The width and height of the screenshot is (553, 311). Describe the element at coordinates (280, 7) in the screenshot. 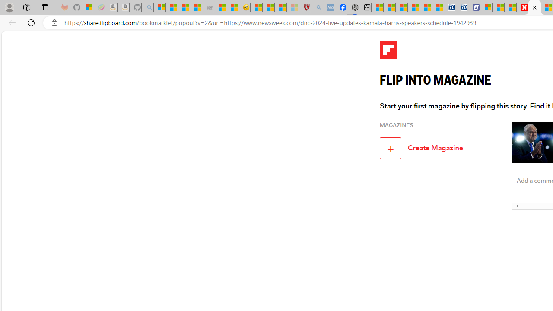

I see `'Science - MSN'` at that location.